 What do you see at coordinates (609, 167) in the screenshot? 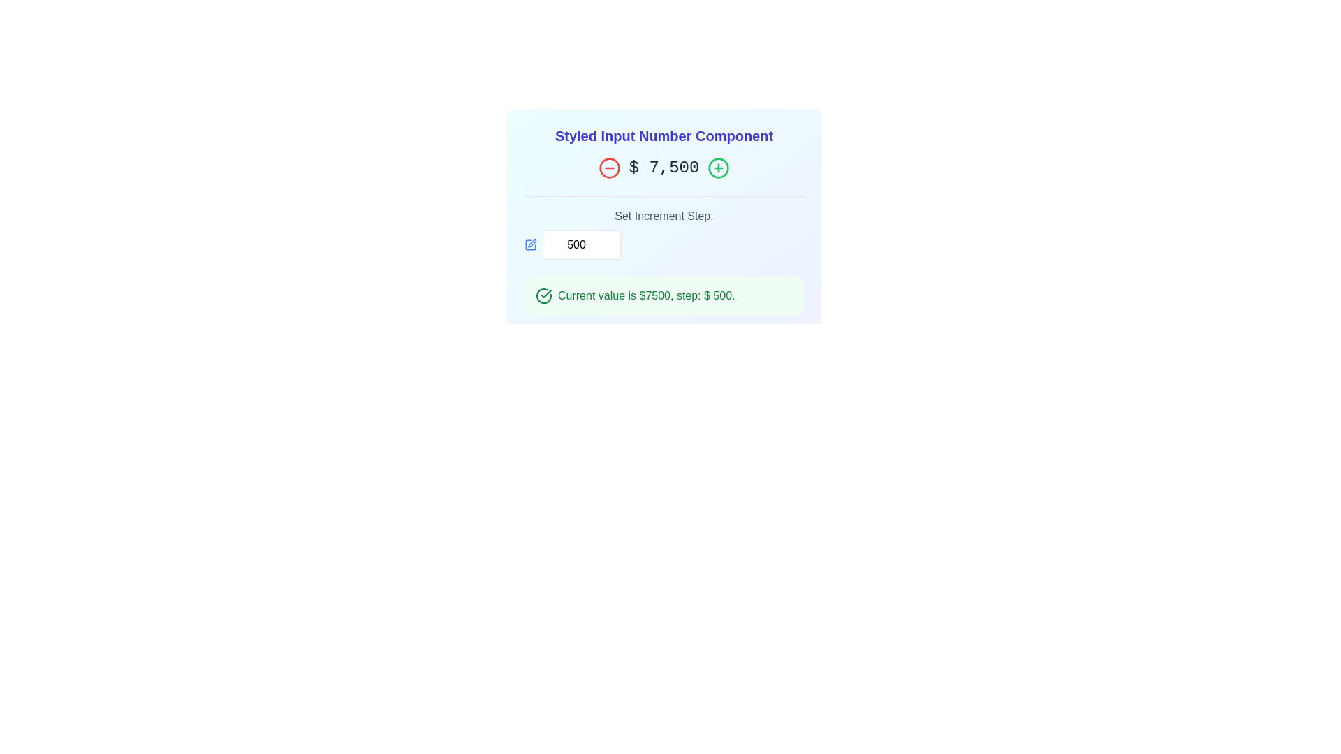
I see `the decrement button, which is a circular outline with a minus symbol inside, located to the left of the numeric value display ($7,500)` at bounding box center [609, 167].